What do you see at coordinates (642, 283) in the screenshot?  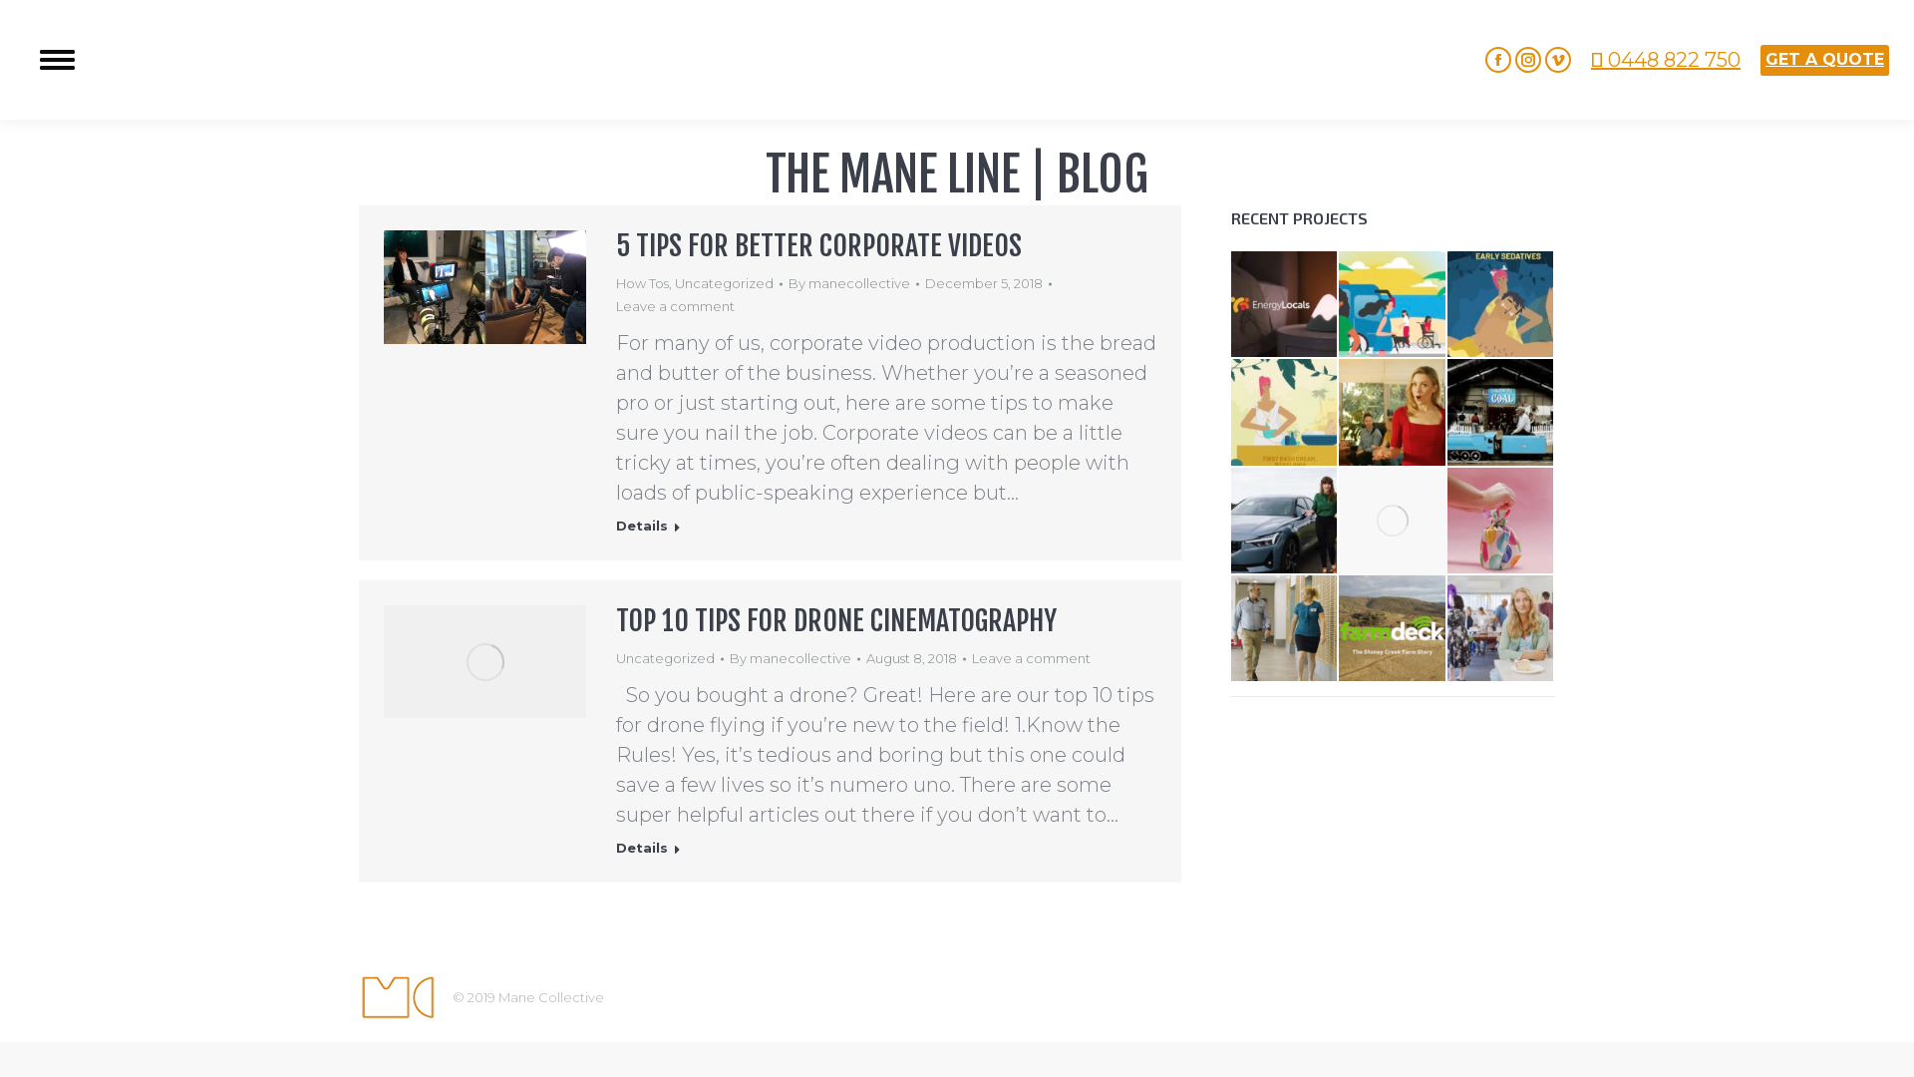 I see `'How Tos'` at bounding box center [642, 283].